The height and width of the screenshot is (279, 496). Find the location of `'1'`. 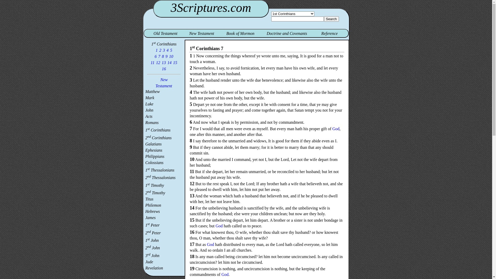

'1' is located at coordinates (156, 50).